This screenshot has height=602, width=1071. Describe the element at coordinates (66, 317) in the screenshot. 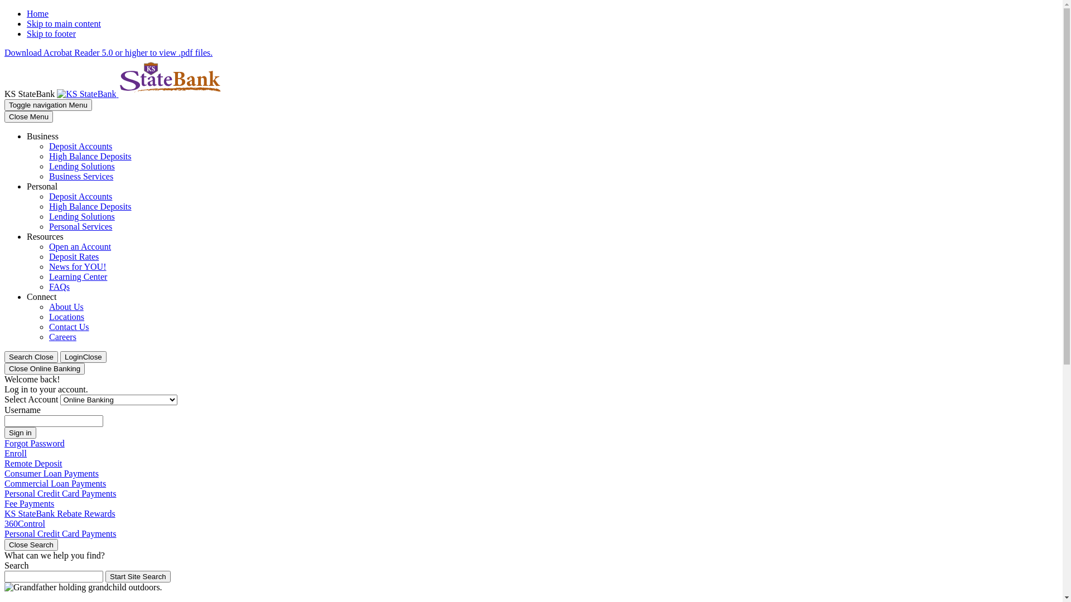

I see `'Locations'` at that location.